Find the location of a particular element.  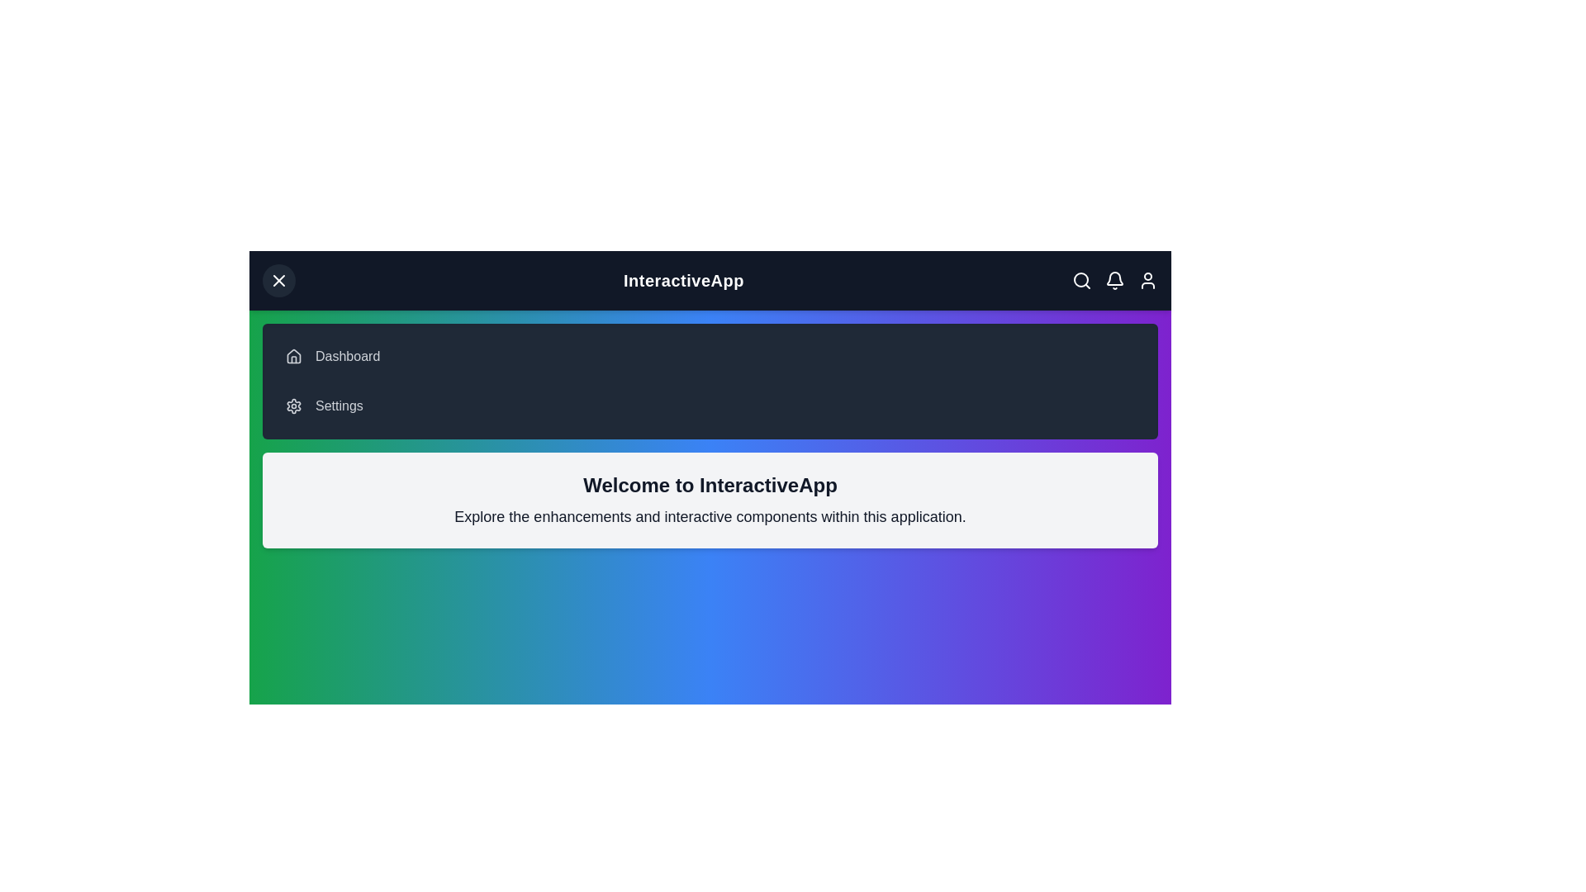

the 'Settings' menu item to navigate to the settings page is located at coordinates (337, 406).